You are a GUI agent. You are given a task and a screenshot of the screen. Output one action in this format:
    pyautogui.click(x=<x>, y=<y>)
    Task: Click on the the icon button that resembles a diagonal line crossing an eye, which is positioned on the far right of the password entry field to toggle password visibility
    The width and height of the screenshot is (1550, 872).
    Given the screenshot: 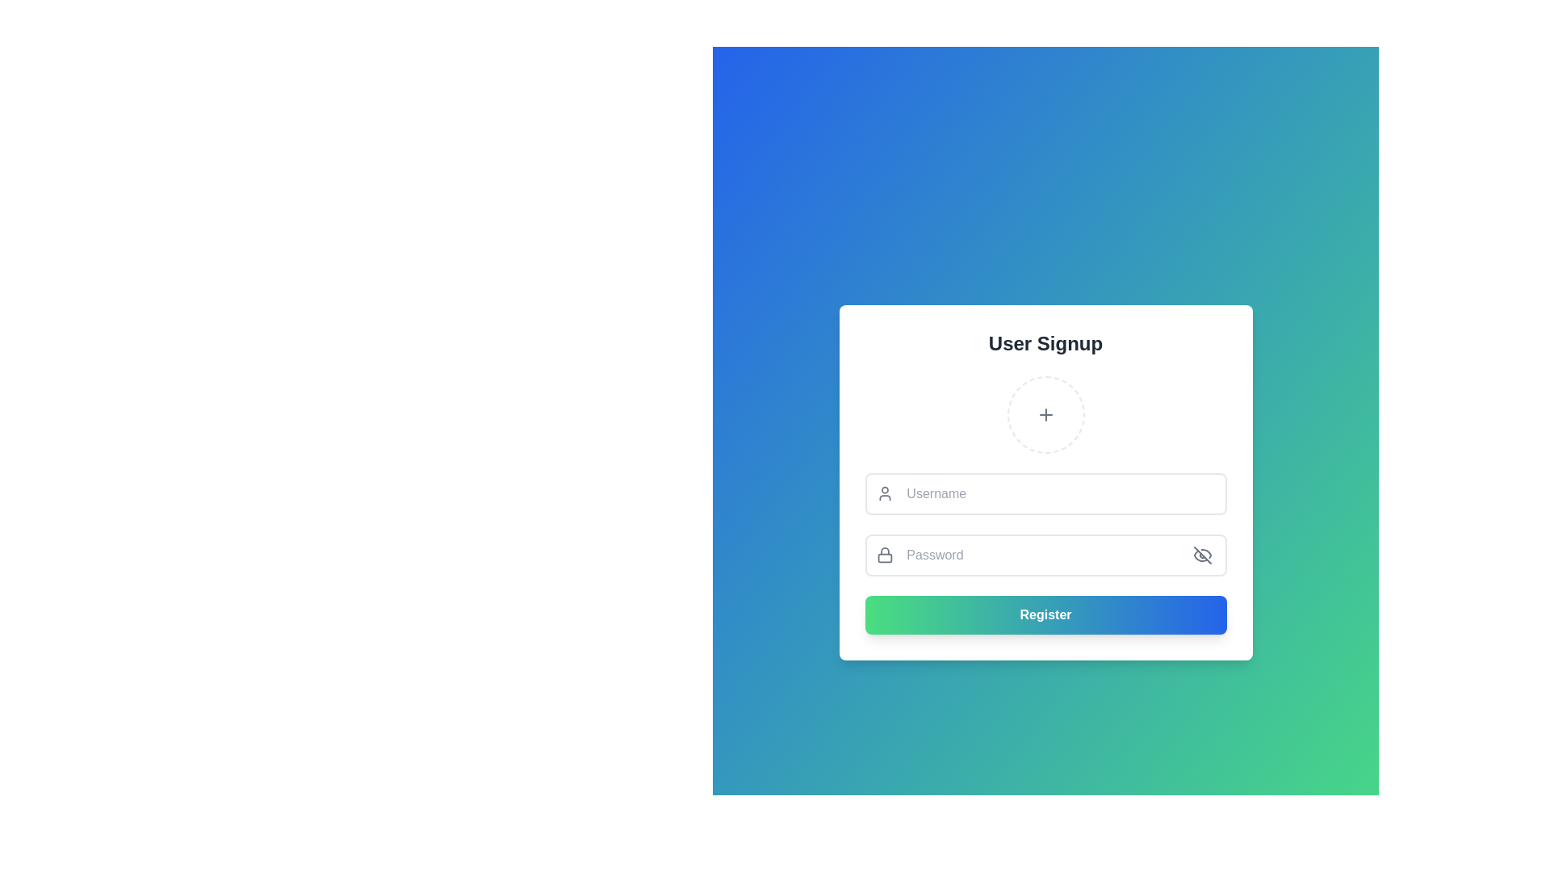 What is the action you would take?
    pyautogui.click(x=1202, y=554)
    